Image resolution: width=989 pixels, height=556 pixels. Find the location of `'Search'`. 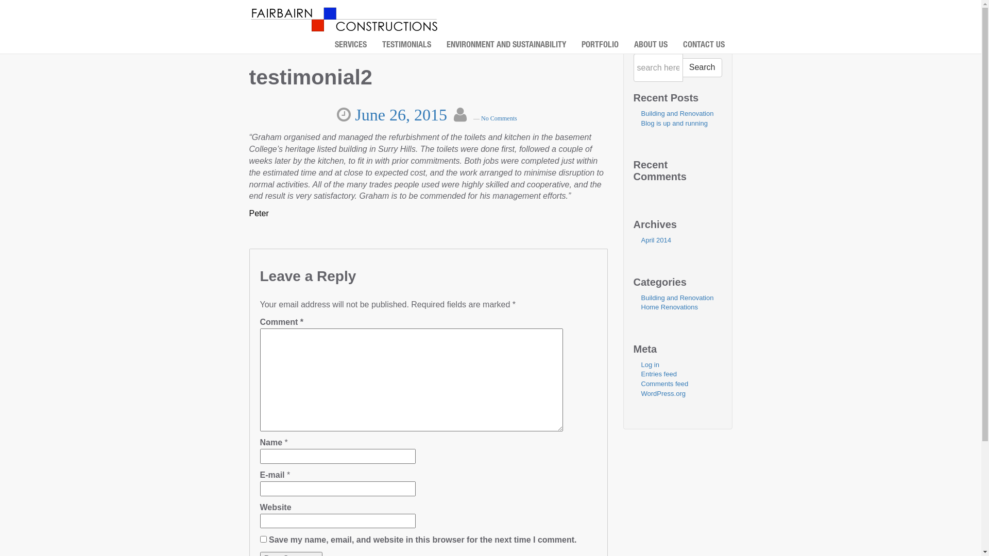

'Search' is located at coordinates (702, 67).